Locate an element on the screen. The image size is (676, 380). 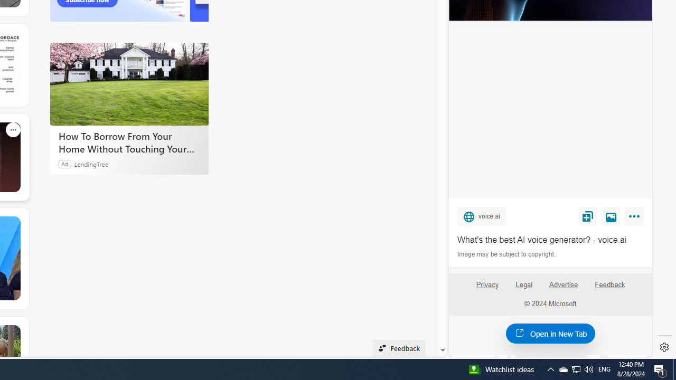
'Privacy' is located at coordinates (486, 284).